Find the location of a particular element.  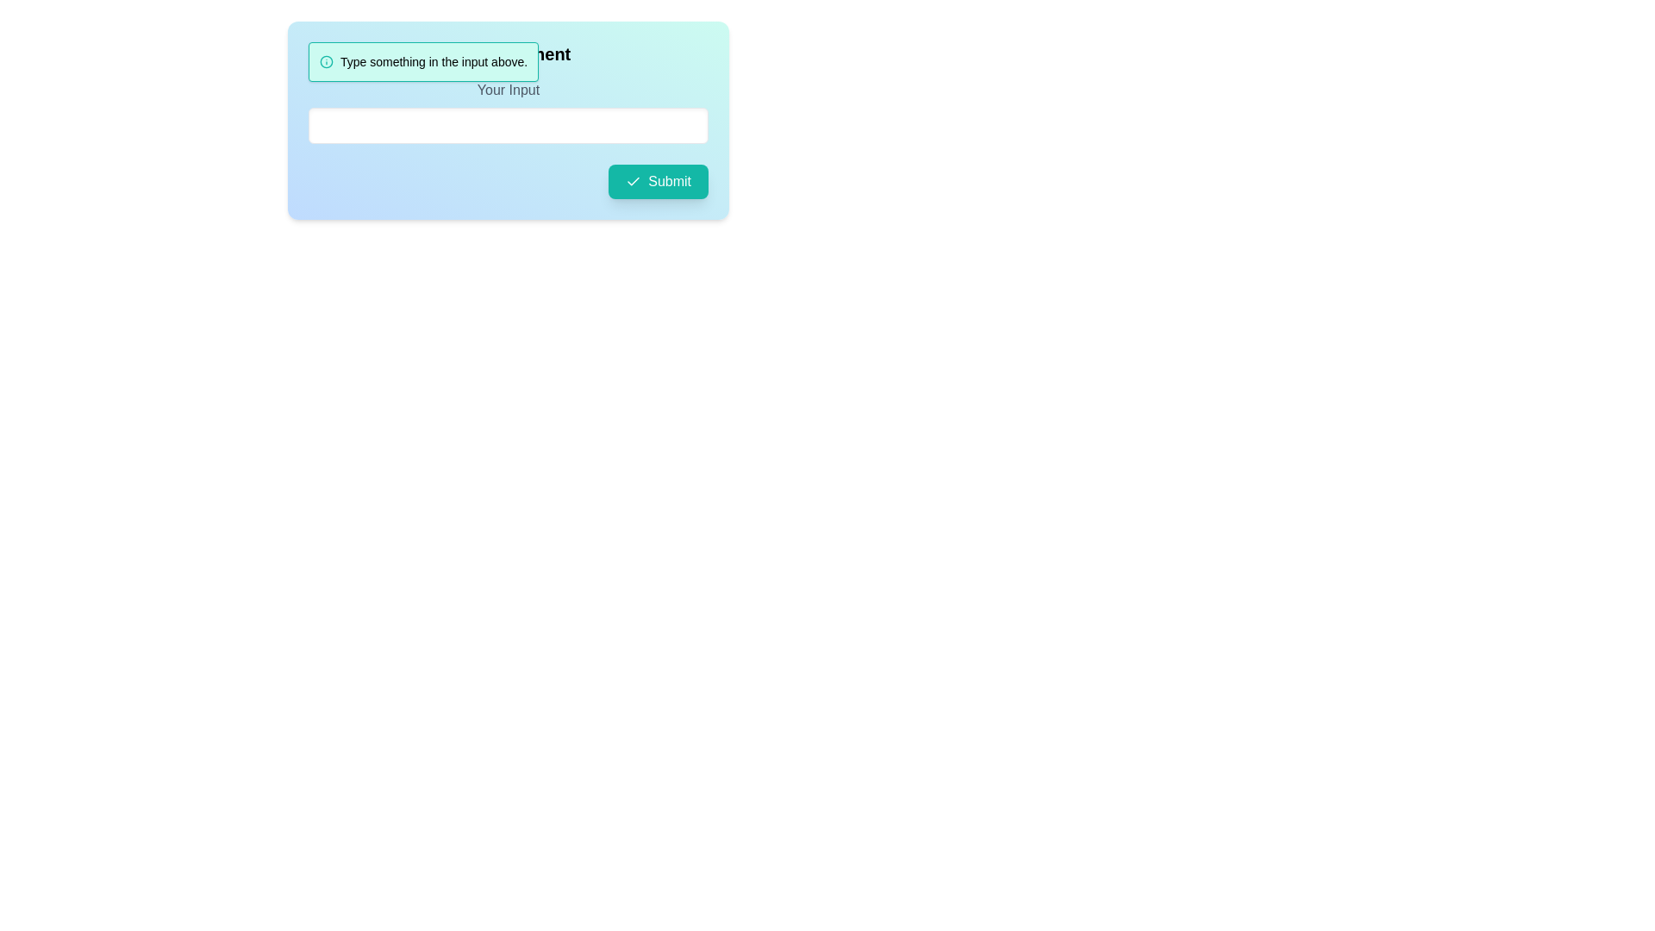

SVG icon located within the 'Submit' button, which visually indicates confirmation and is positioned to the left of the 'Submit' text is located at coordinates (633, 182).